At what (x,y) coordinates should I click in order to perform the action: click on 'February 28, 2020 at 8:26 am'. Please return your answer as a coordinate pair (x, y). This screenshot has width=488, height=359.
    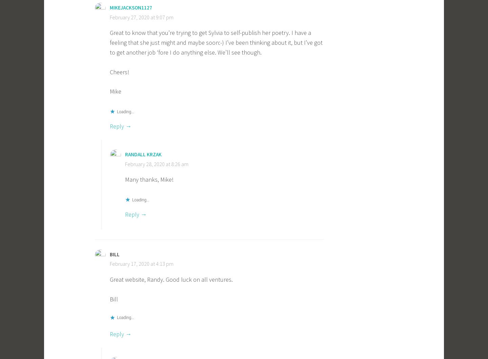
    Looking at the image, I should click on (157, 164).